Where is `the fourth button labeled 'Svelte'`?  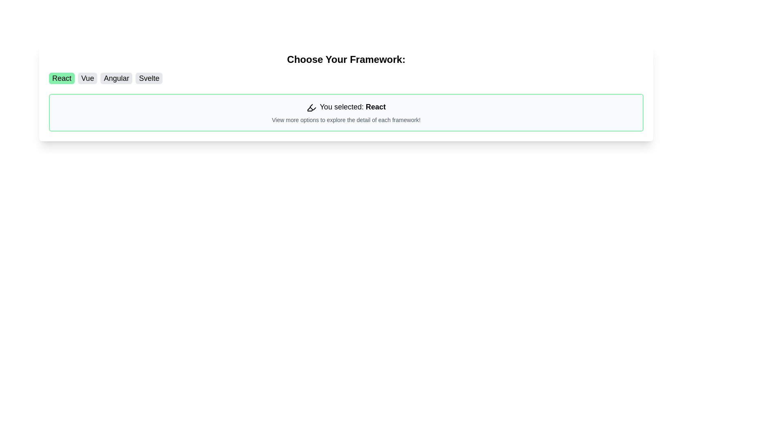
the fourth button labeled 'Svelte' is located at coordinates (149, 78).